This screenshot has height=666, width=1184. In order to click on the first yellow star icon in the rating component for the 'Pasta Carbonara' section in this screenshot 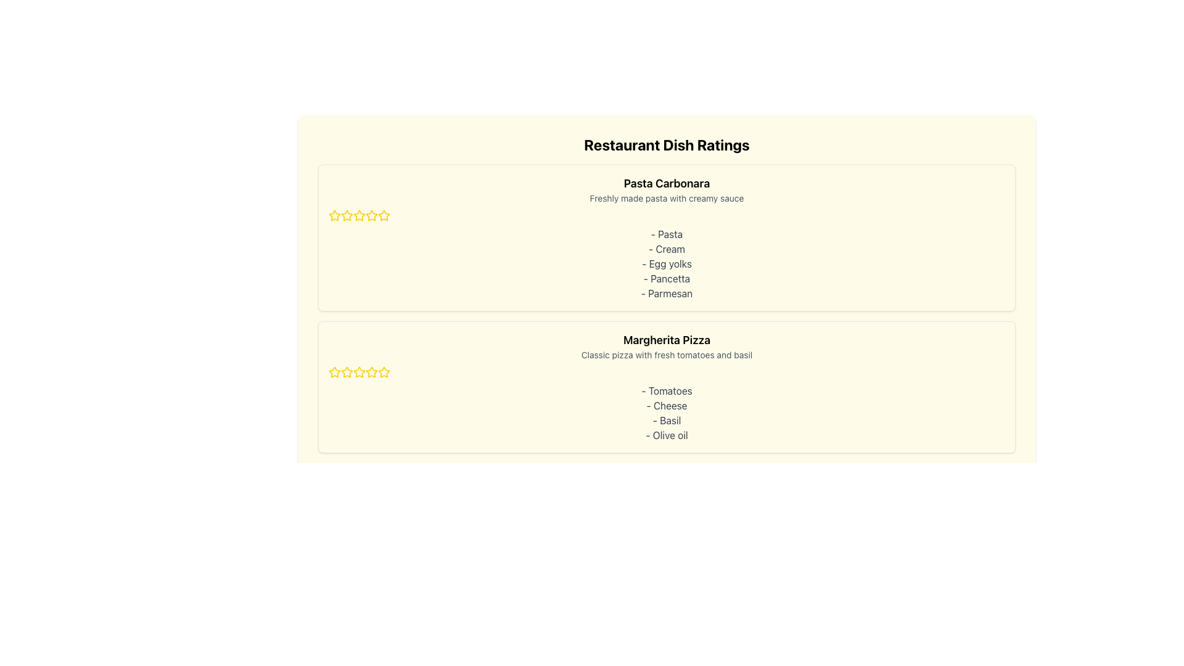, I will do `click(334, 215)`.